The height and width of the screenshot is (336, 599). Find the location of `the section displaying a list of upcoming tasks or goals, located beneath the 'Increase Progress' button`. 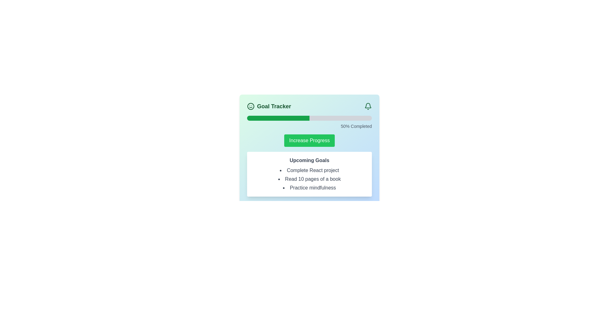

the section displaying a list of upcoming tasks or goals, located beneath the 'Increase Progress' button is located at coordinates (309, 174).